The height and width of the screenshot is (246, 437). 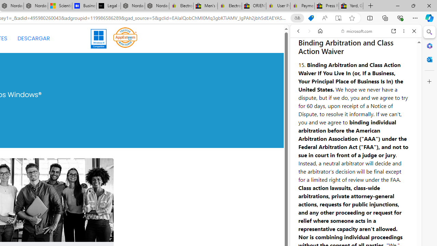 What do you see at coordinates (356, 31) in the screenshot?
I see `'microsoft.com'` at bounding box center [356, 31].